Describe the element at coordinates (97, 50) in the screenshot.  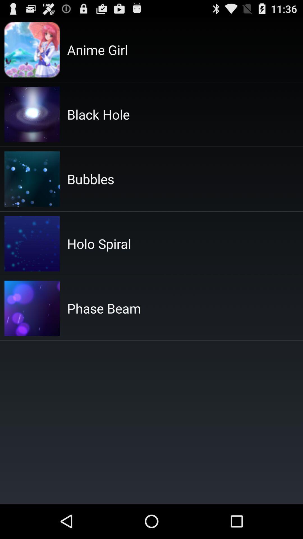
I see `icon above black hole app` at that location.